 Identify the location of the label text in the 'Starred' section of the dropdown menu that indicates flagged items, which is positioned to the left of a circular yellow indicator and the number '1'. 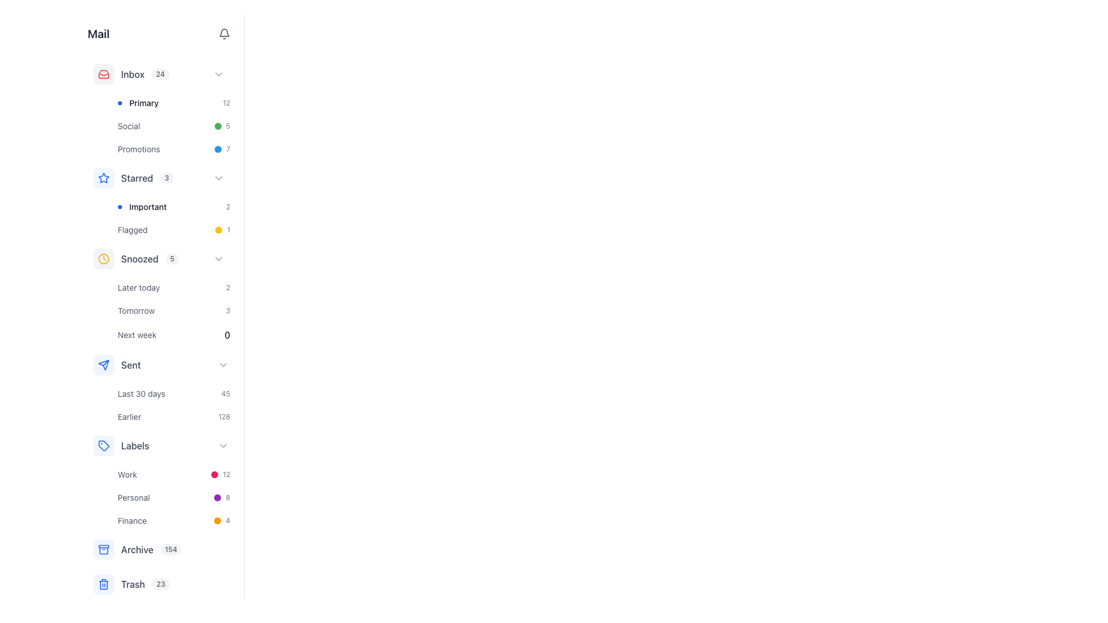
(133, 230).